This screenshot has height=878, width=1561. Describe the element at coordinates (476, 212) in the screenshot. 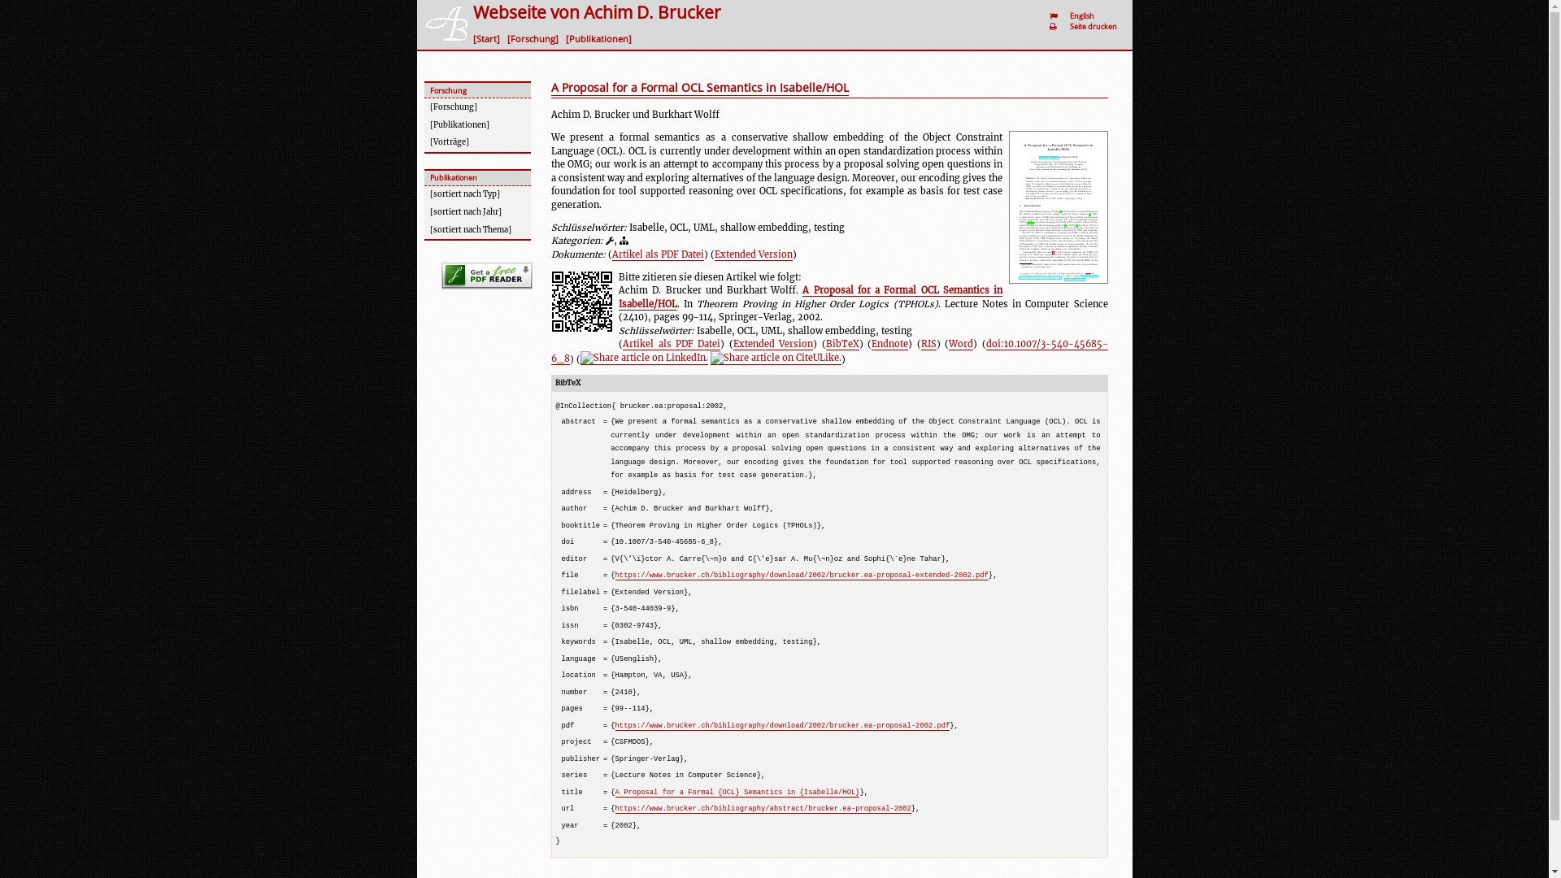

I see `'[sortiert nach Jahr]'` at that location.